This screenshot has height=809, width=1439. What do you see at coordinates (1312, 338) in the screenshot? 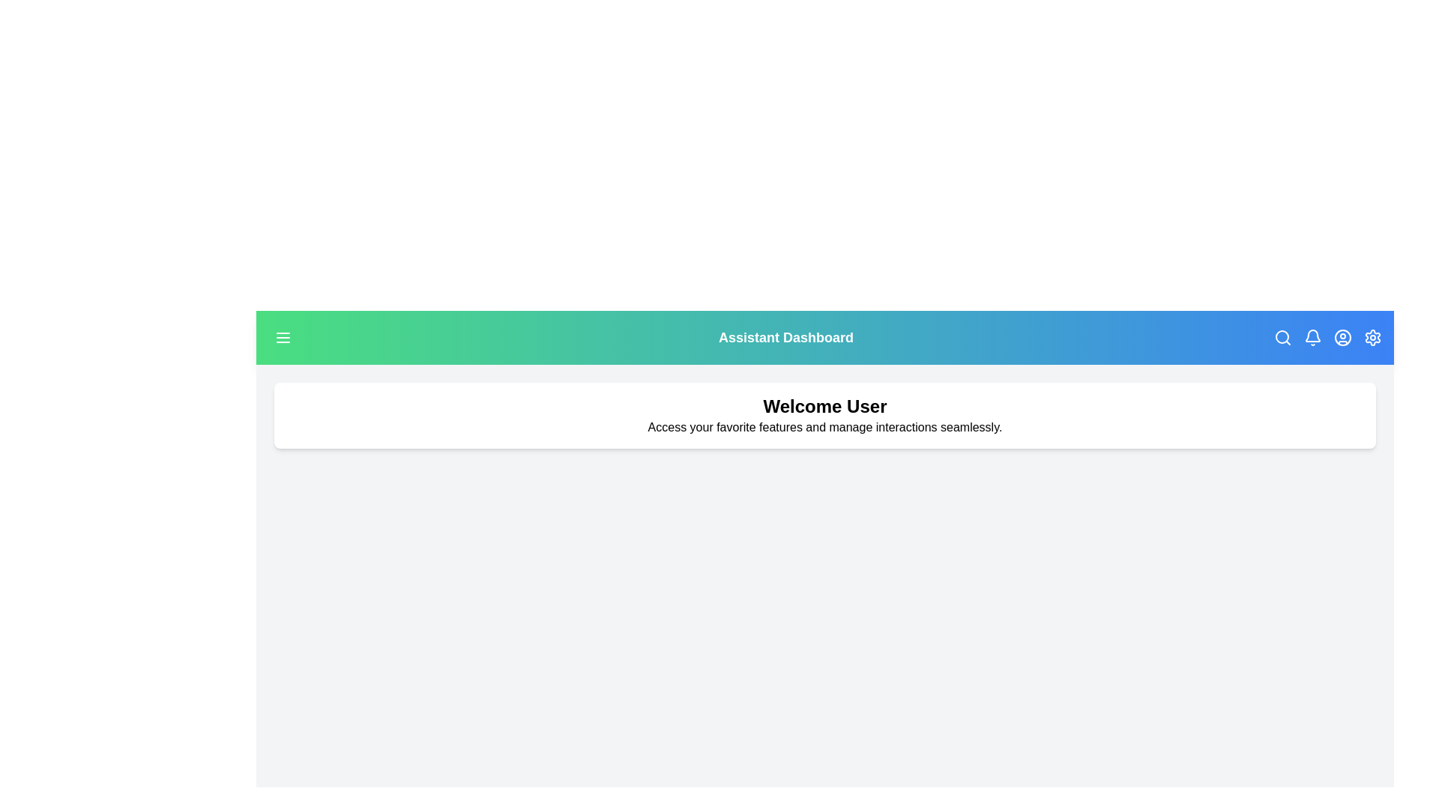
I see `the bell icon to view notifications` at bounding box center [1312, 338].